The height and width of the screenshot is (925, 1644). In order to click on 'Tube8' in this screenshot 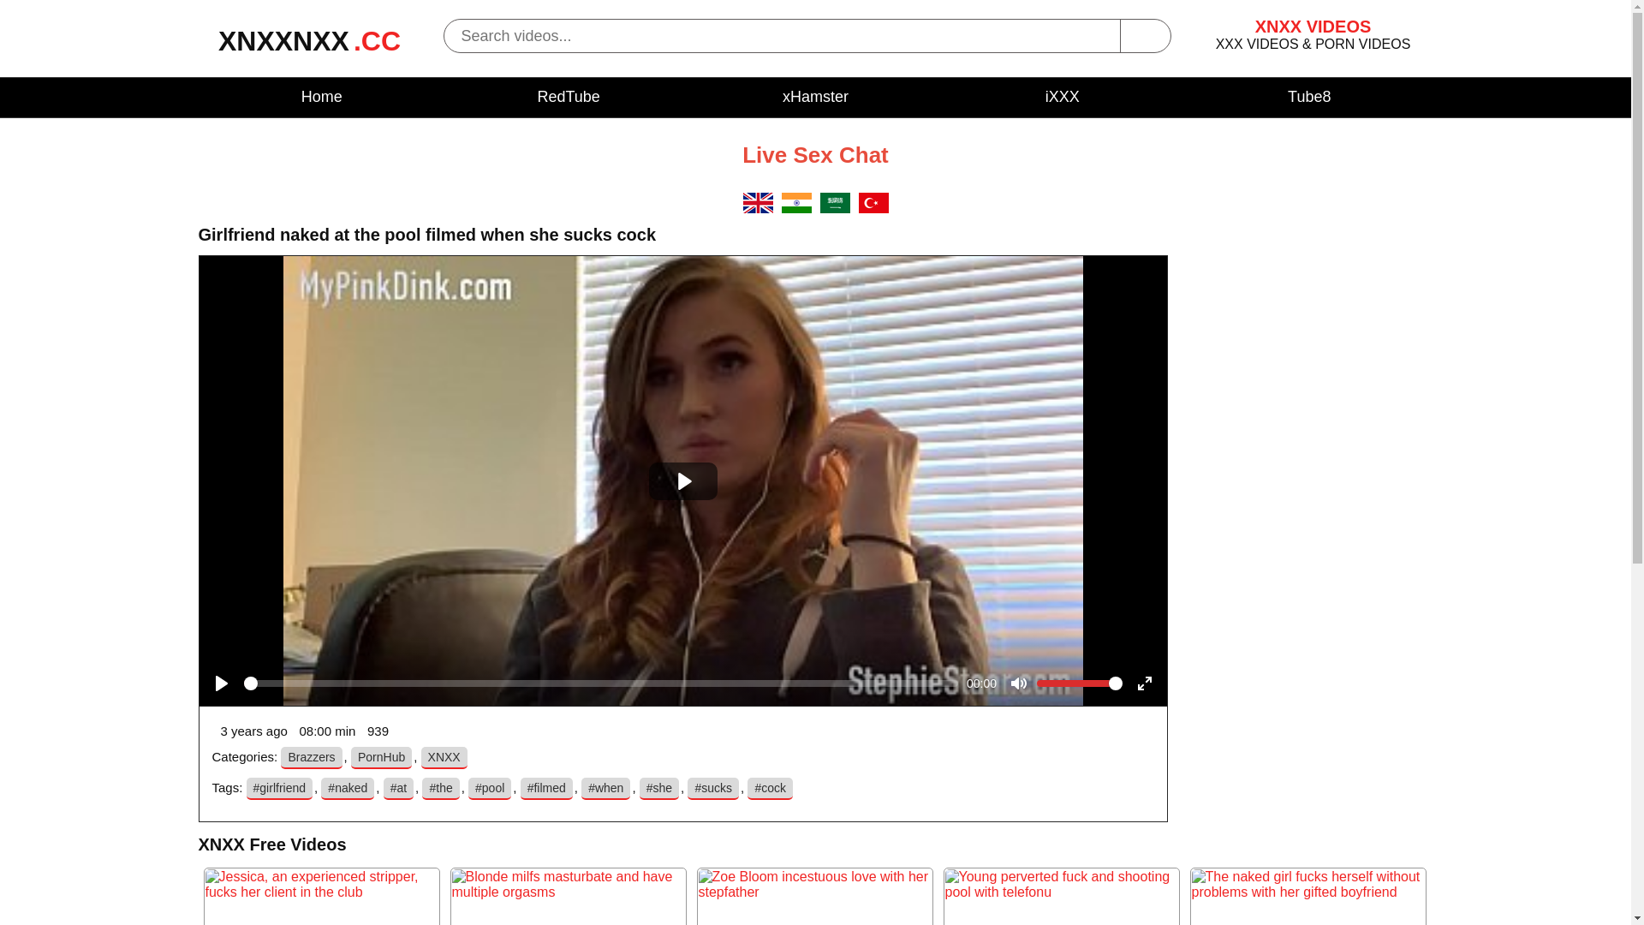, I will do `click(1185, 96)`.